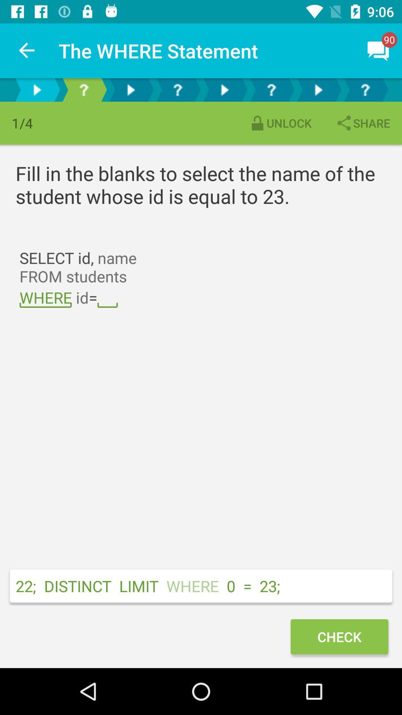  I want to click on the next page, so click(83, 89).